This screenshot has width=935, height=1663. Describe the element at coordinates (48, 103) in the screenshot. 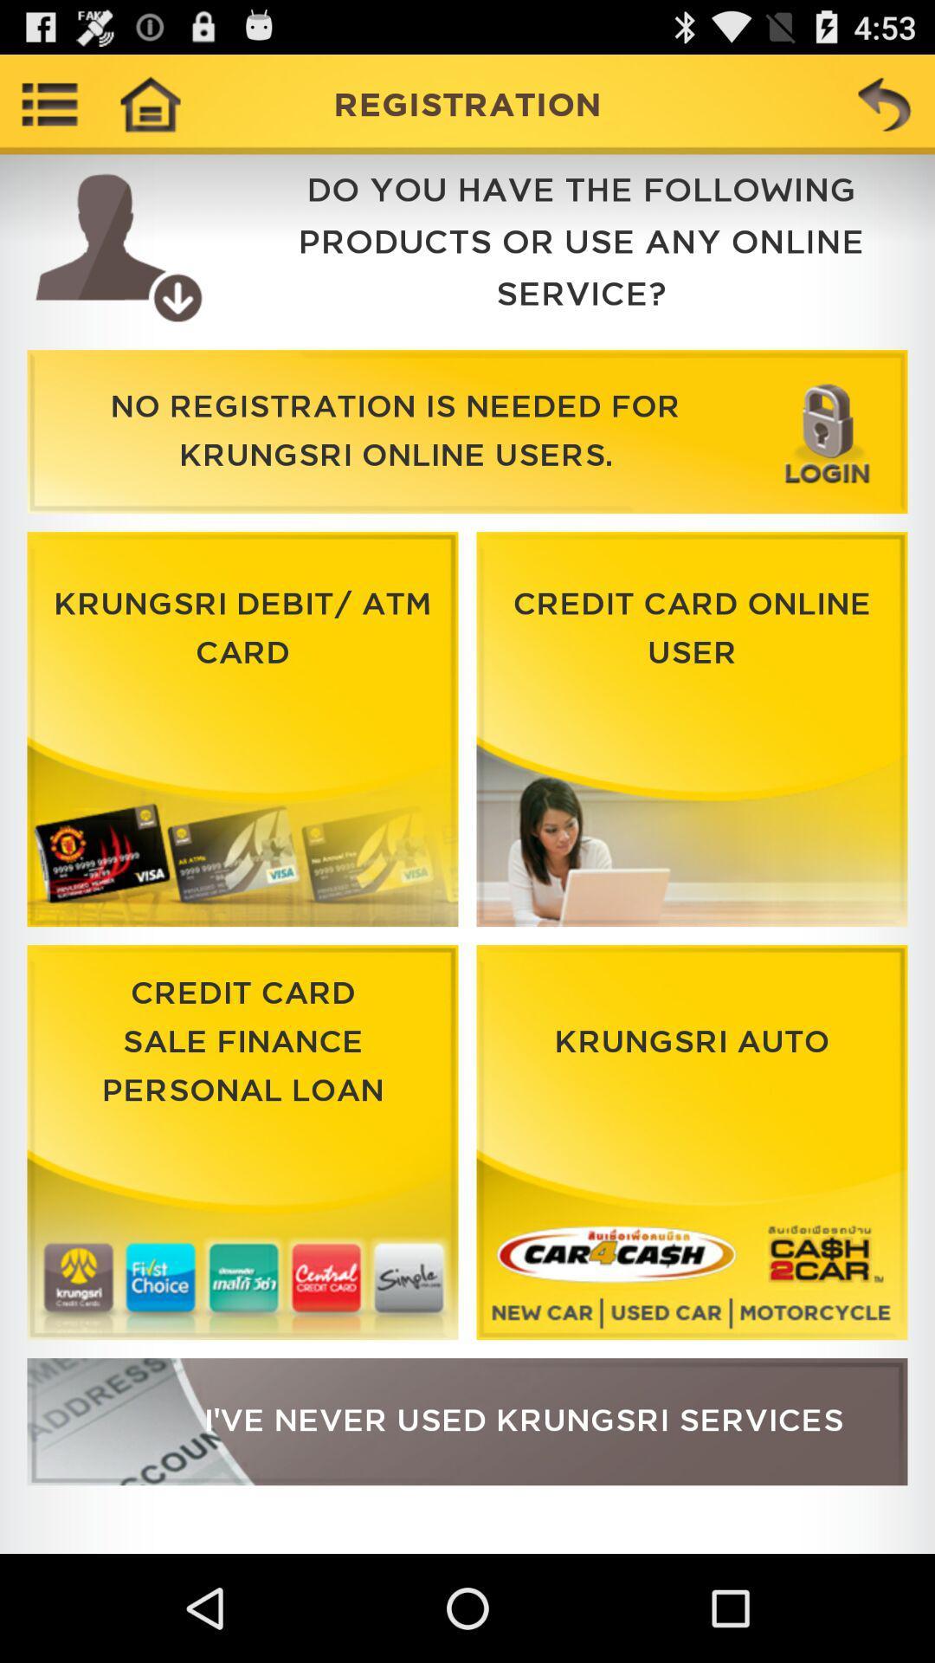

I see `open drop-down menu` at that location.